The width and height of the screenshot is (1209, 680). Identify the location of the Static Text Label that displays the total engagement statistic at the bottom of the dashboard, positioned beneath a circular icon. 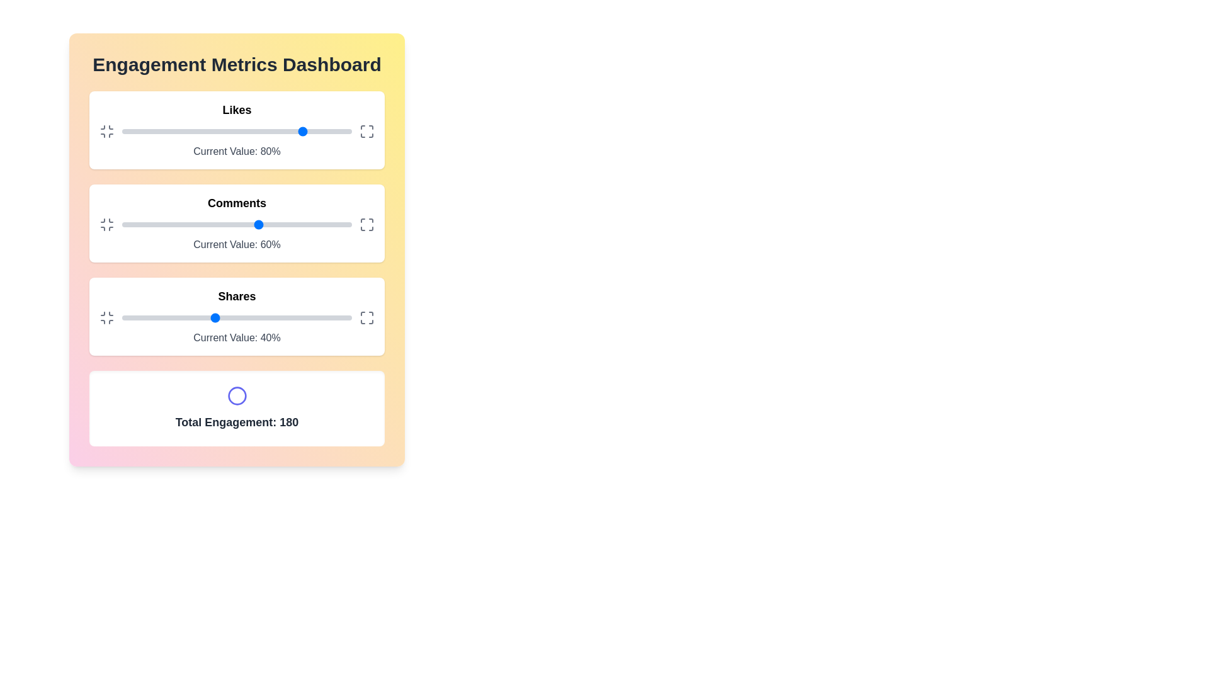
(237, 422).